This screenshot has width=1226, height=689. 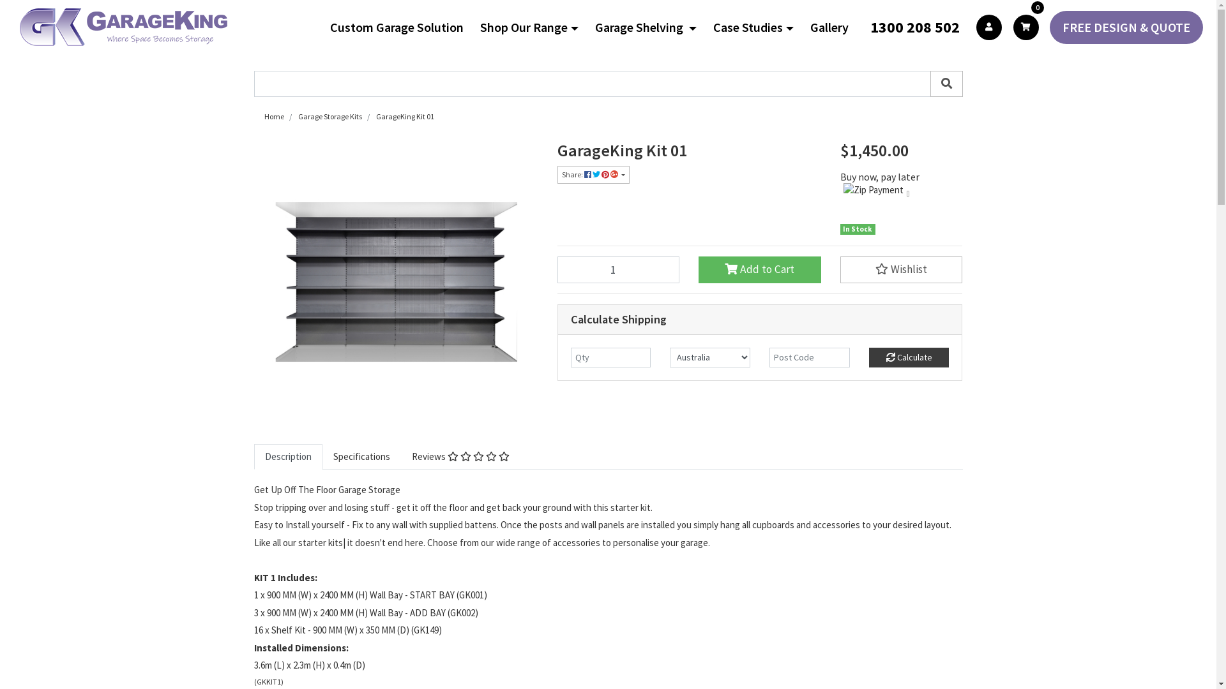 What do you see at coordinates (273, 116) in the screenshot?
I see `'Home'` at bounding box center [273, 116].